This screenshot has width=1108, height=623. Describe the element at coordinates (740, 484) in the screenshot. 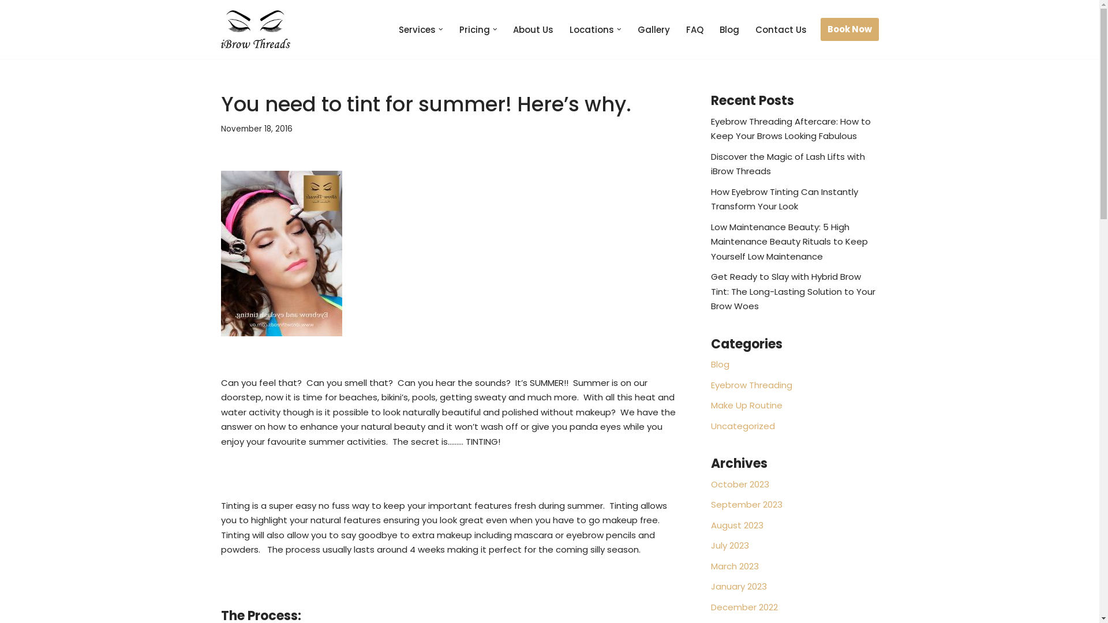

I see `'October 2023'` at that location.